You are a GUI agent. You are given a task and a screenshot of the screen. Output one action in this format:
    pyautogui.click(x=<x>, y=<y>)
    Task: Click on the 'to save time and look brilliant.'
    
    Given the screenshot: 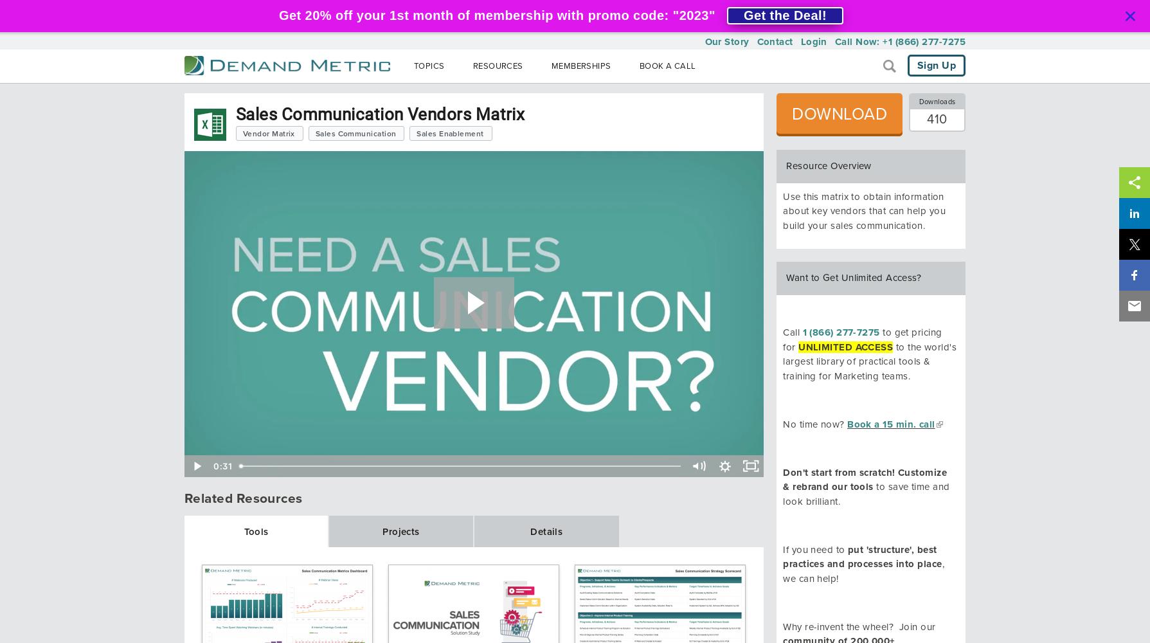 What is the action you would take?
    pyautogui.click(x=866, y=494)
    